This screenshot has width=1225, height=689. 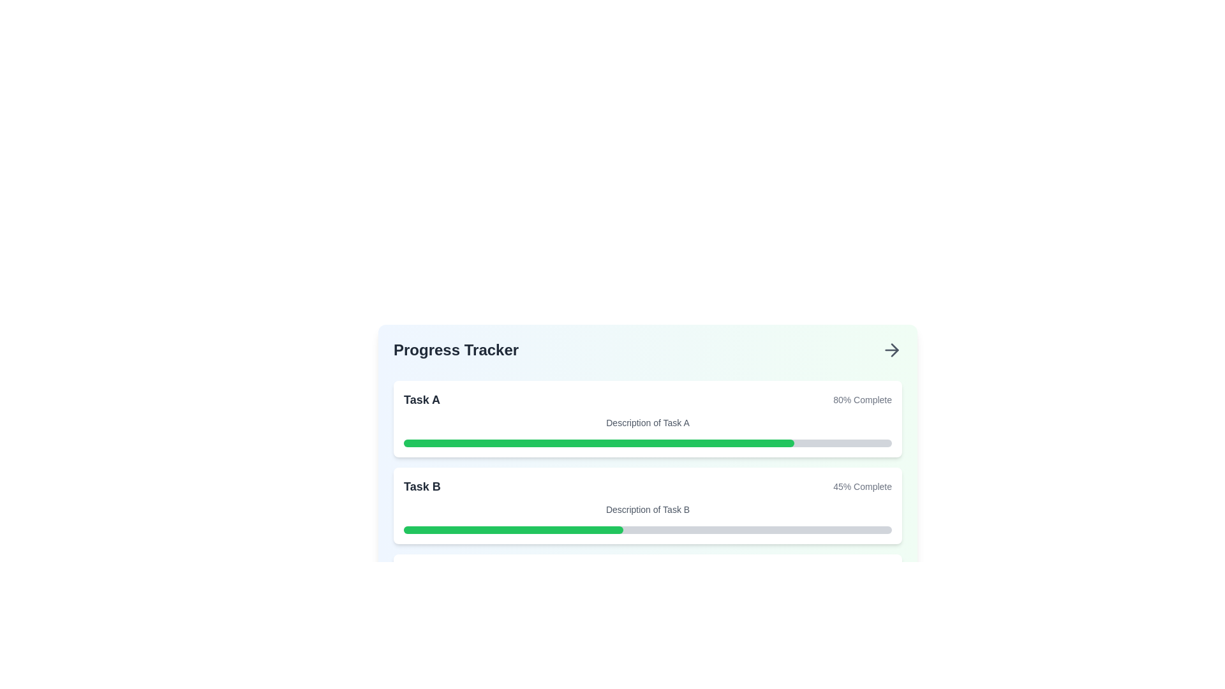 What do you see at coordinates (456, 350) in the screenshot?
I see `prominent text label 'Progress Tracker' which is bold and large, located near the top of the panel` at bounding box center [456, 350].